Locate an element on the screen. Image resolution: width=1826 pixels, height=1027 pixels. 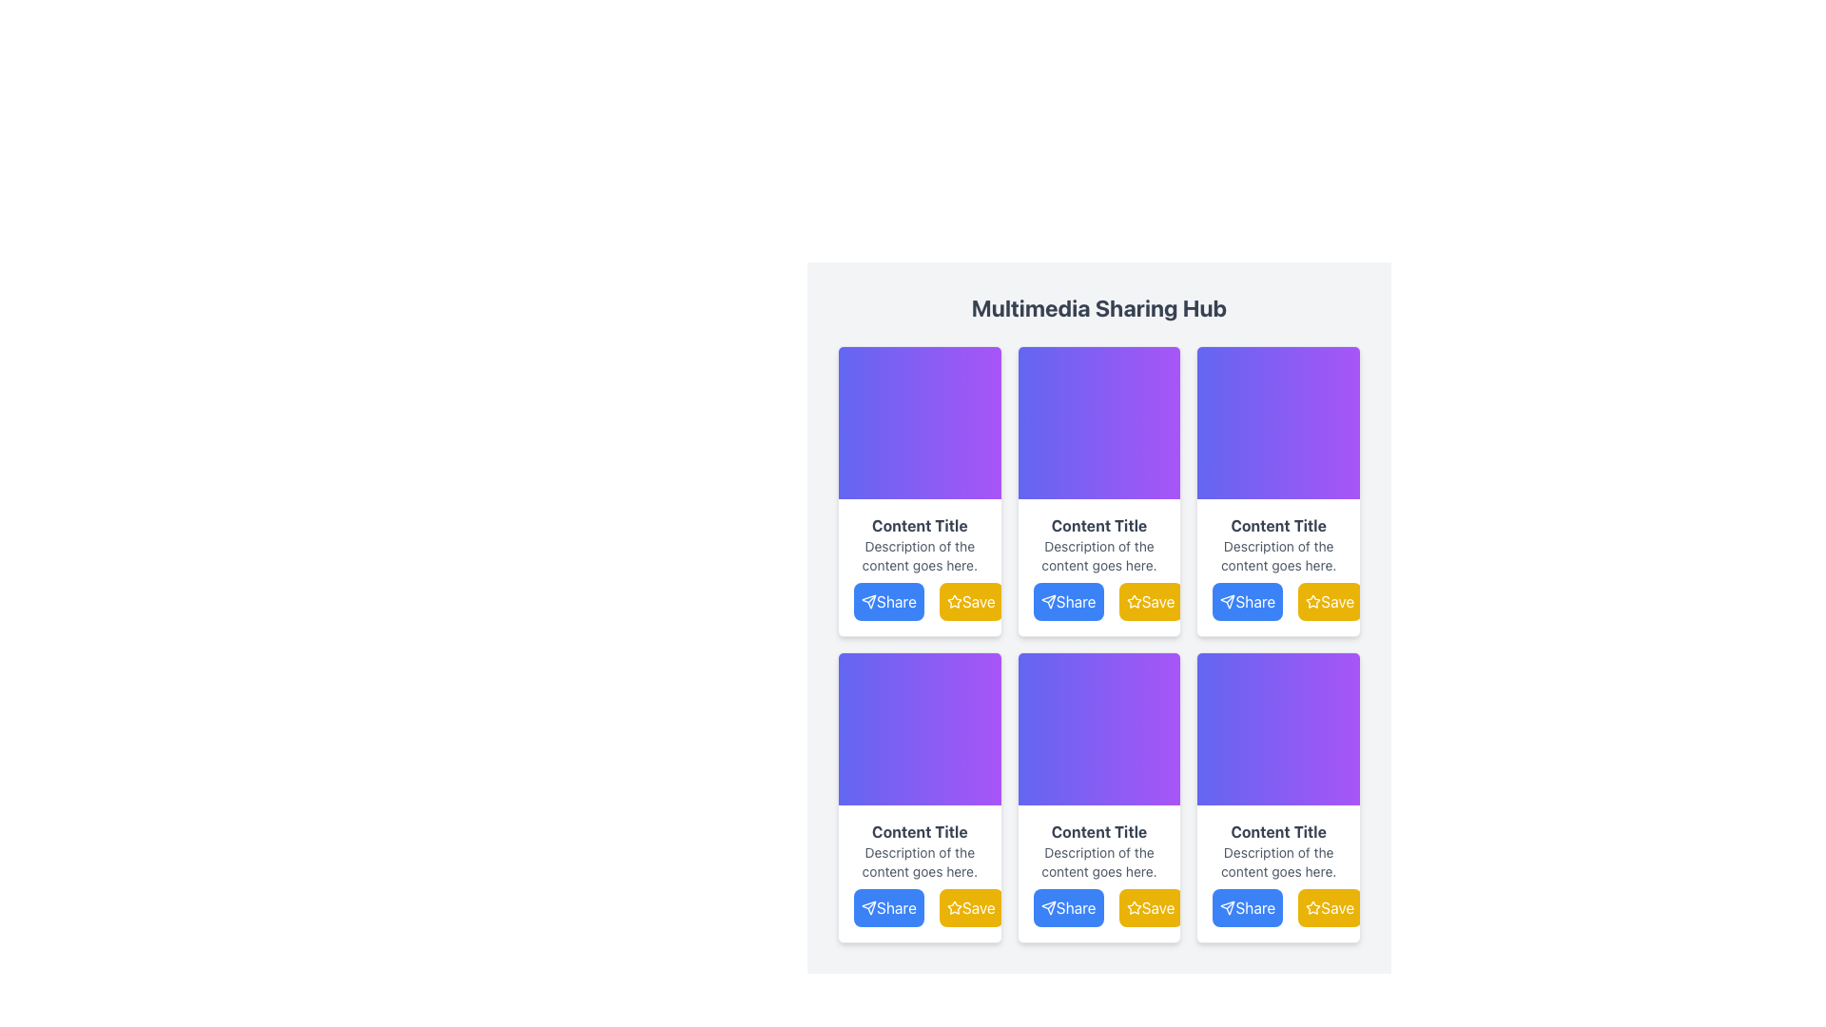
the 'Save' button, represented by a star icon, located in the first row and second column of the grid layout, adjacent to the 'Share' button, using keyboard navigation is located at coordinates (1134, 601).